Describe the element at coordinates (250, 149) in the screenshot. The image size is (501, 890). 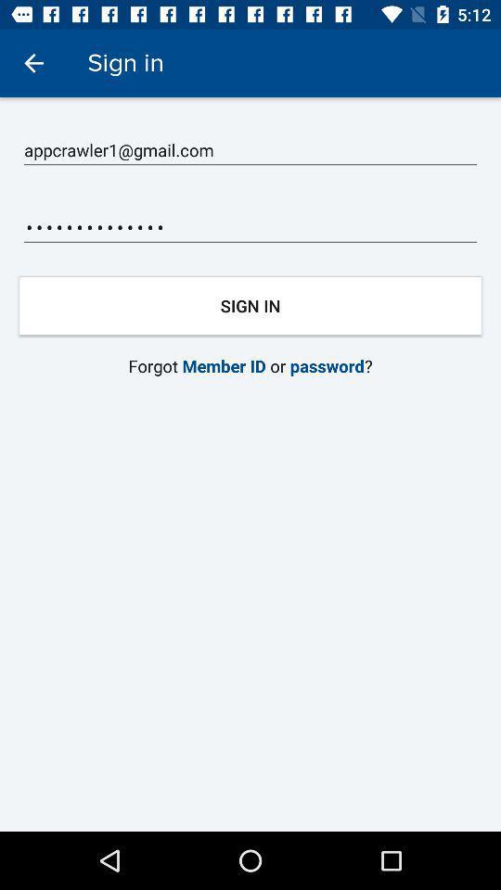
I see `icon below the sign in item` at that location.